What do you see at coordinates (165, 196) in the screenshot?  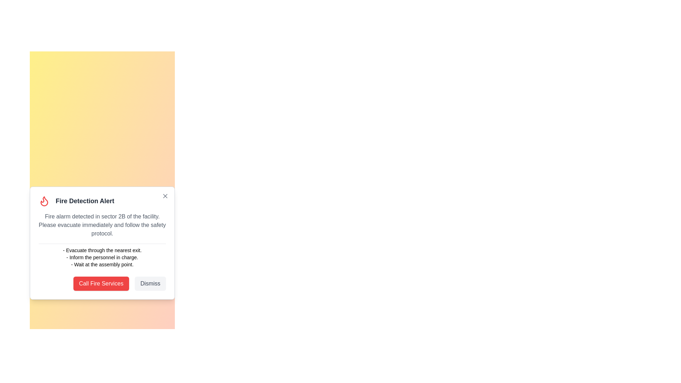 I see `the close button to dismiss the alert modal` at bounding box center [165, 196].